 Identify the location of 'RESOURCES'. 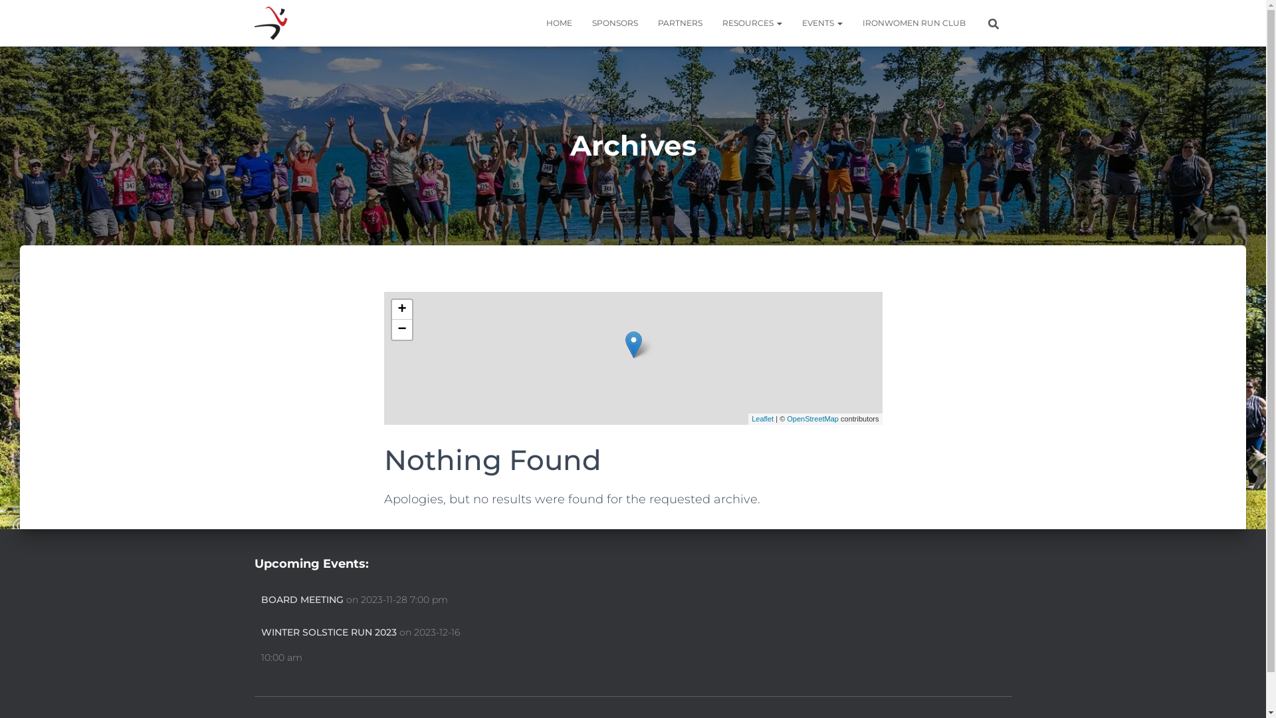
(752, 23).